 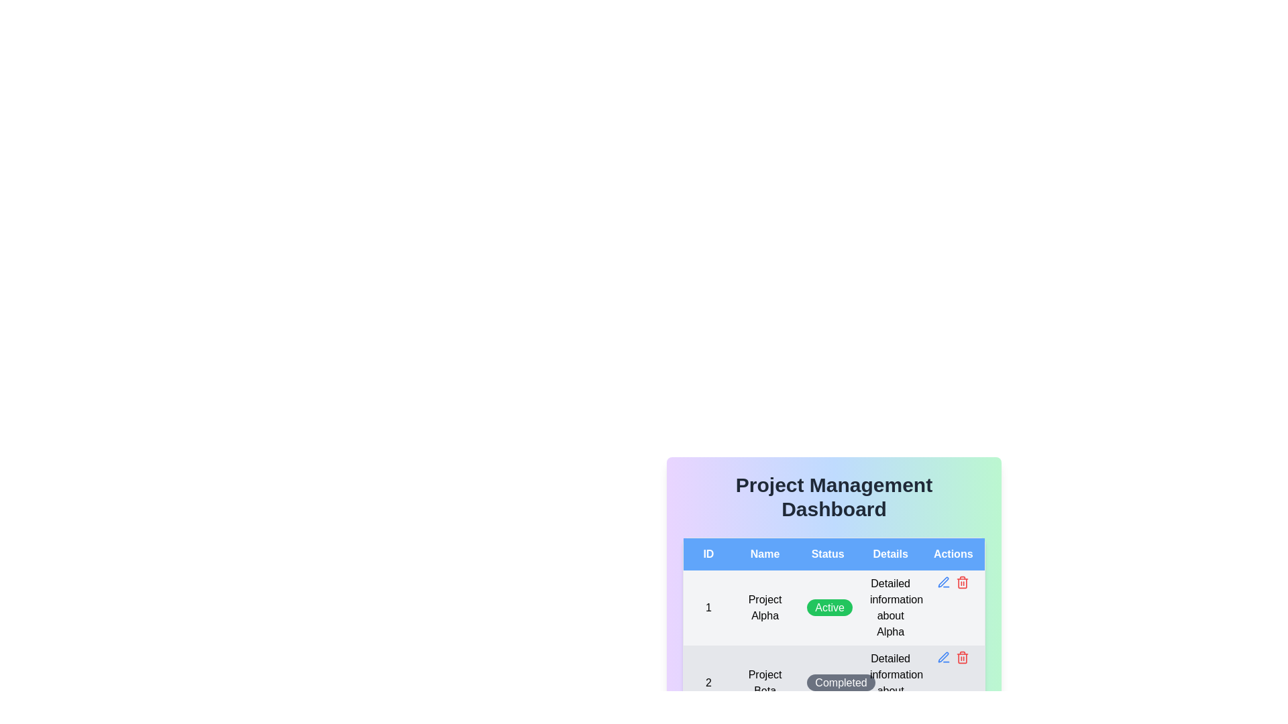 I want to click on the red trash icon located to the right of the blue edit icon in the 'Actions' column of the project management dashboard, so click(x=962, y=581).